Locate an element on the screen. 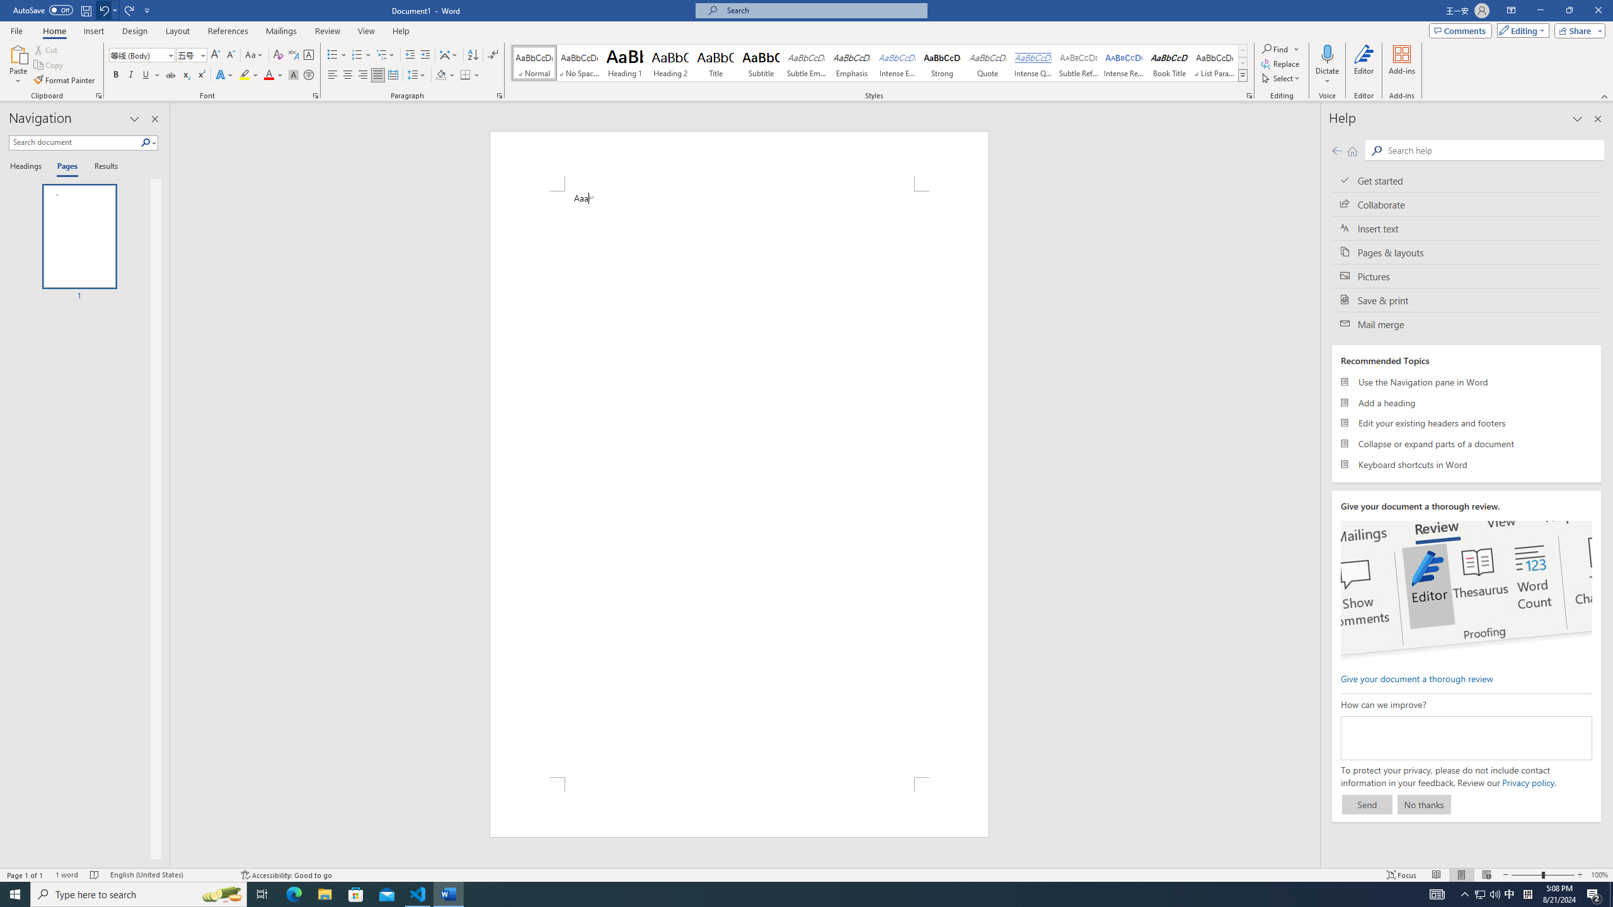 This screenshot has height=907, width=1613. 'Quick Access Toolbar' is located at coordinates (82, 10).